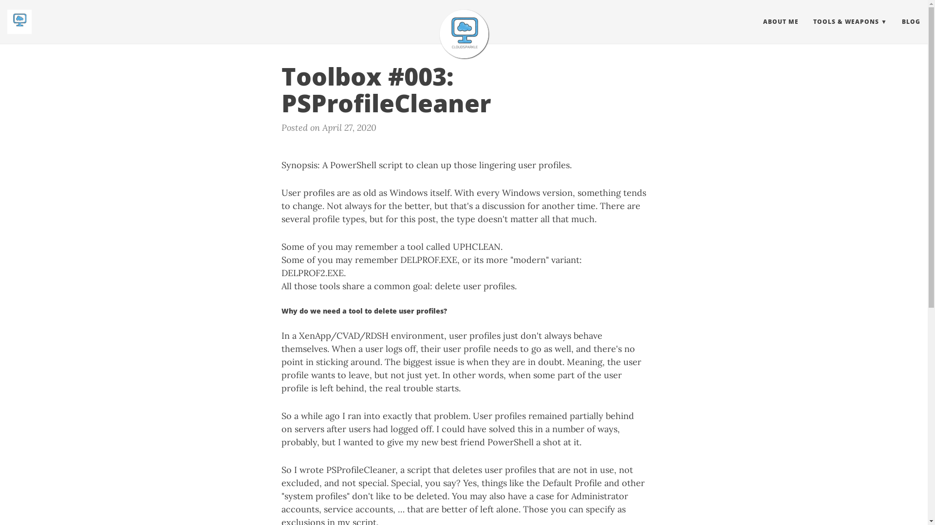 Image resolution: width=935 pixels, height=525 pixels. Describe the element at coordinates (781, 22) in the screenshot. I see `'ABOUT ME'` at that location.